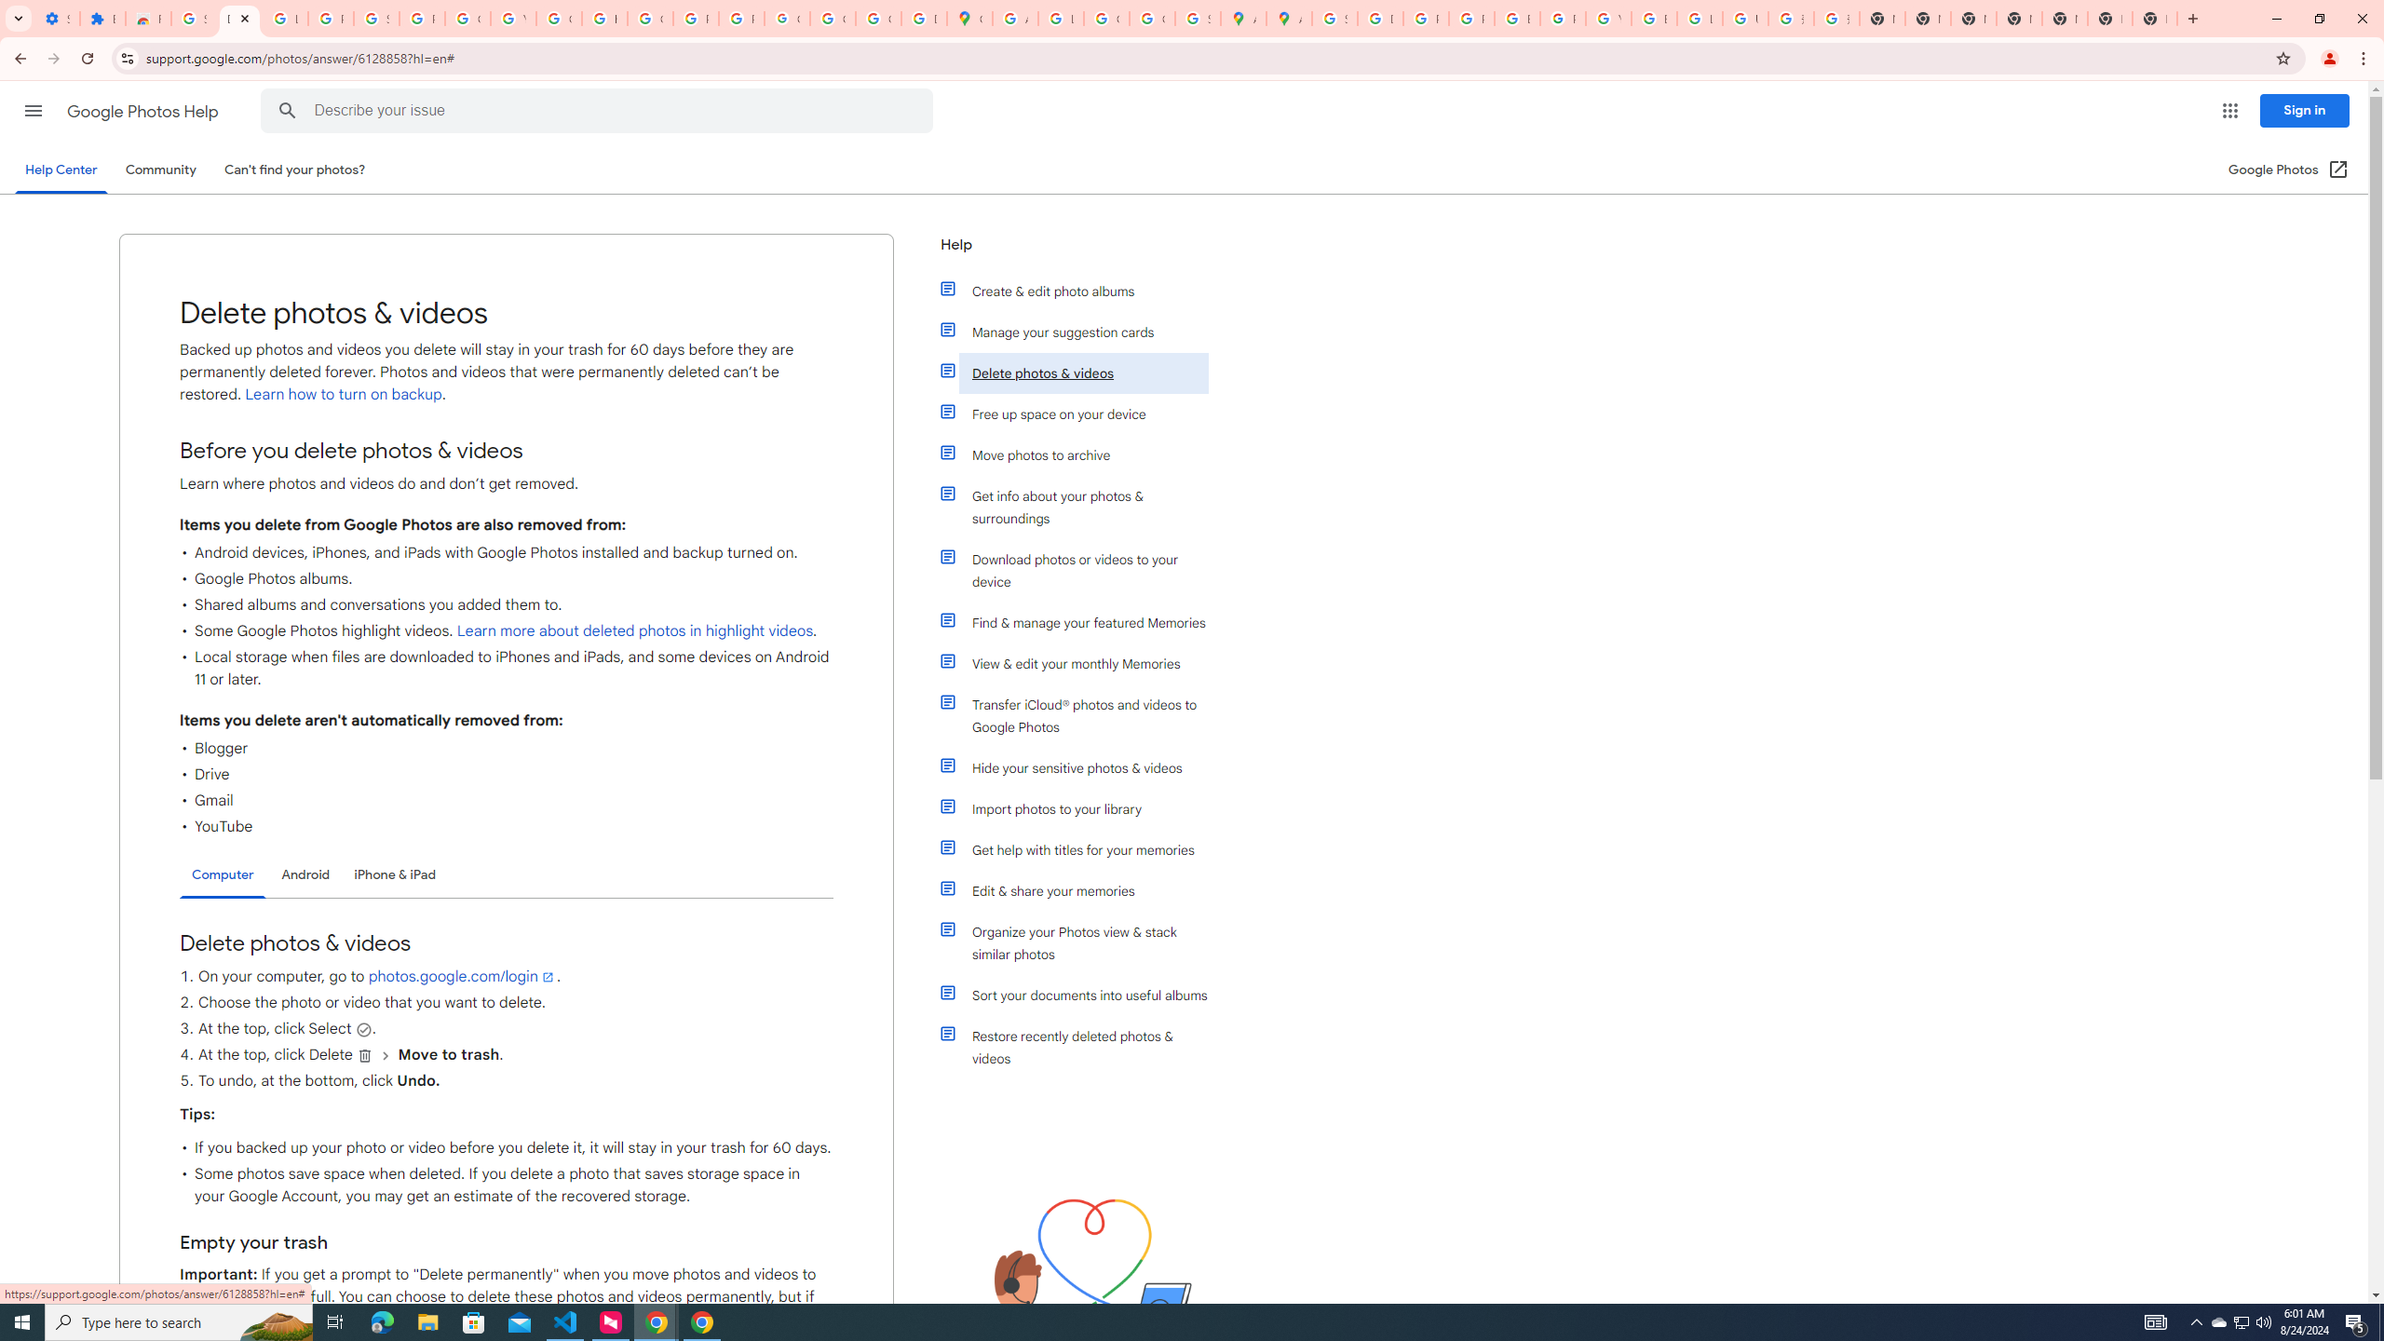 The height and width of the screenshot is (1341, 2384). I want to click on 'Sign in - Google Accounts', so click(193, 18).